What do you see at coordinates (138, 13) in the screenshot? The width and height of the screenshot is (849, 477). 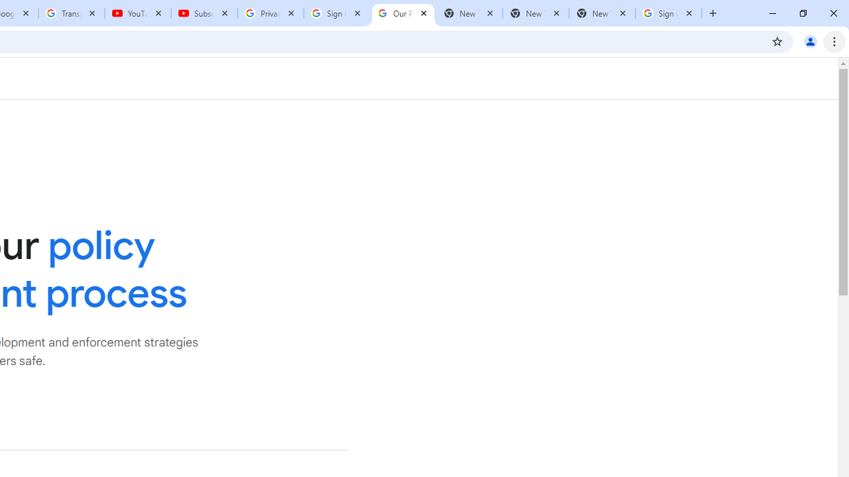 I see `'YouTube'` at bounding box center [138, 13].